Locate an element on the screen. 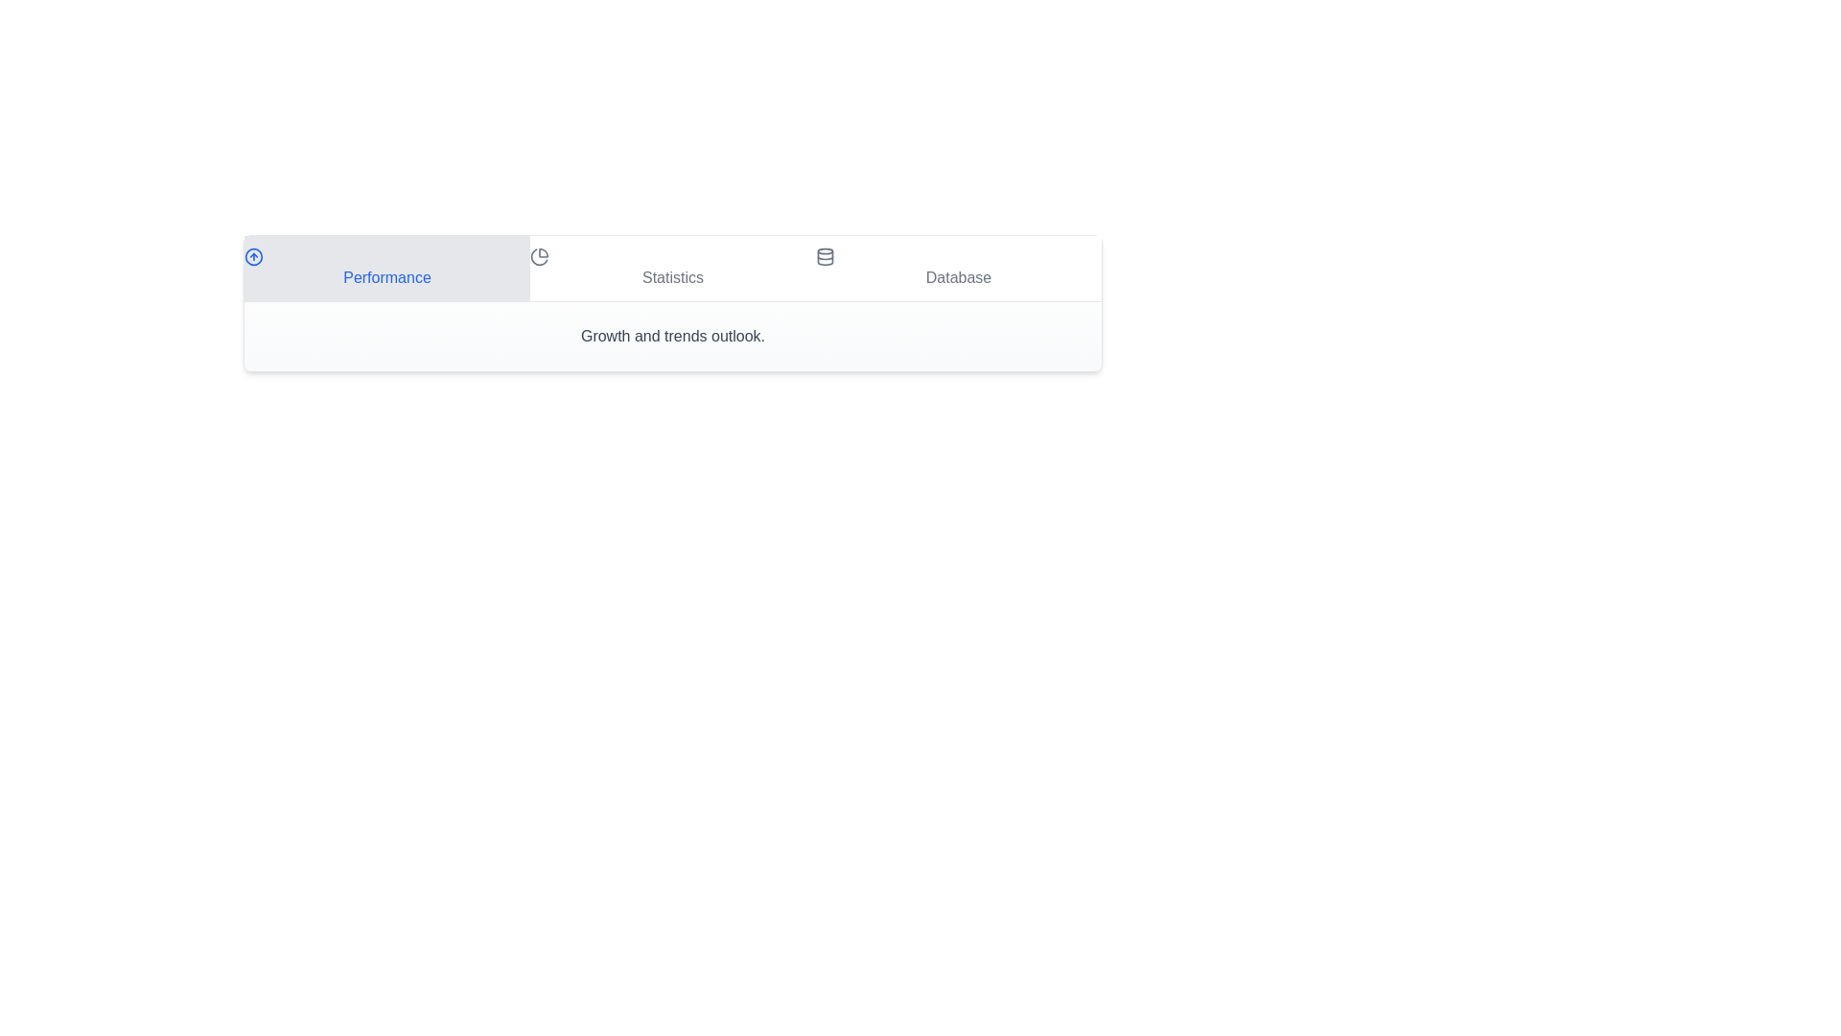  the Statistics tab by clicking on it is located at coordinates (672, 269).